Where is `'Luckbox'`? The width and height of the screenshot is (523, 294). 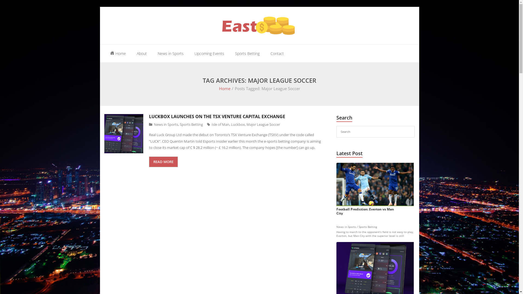
'Luckbox' is located at coordinates (238, 124).